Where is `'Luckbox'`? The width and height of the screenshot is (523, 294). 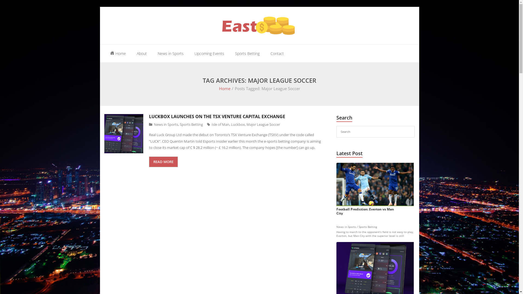
'Luckbox' is located at coordinates (238, 124).